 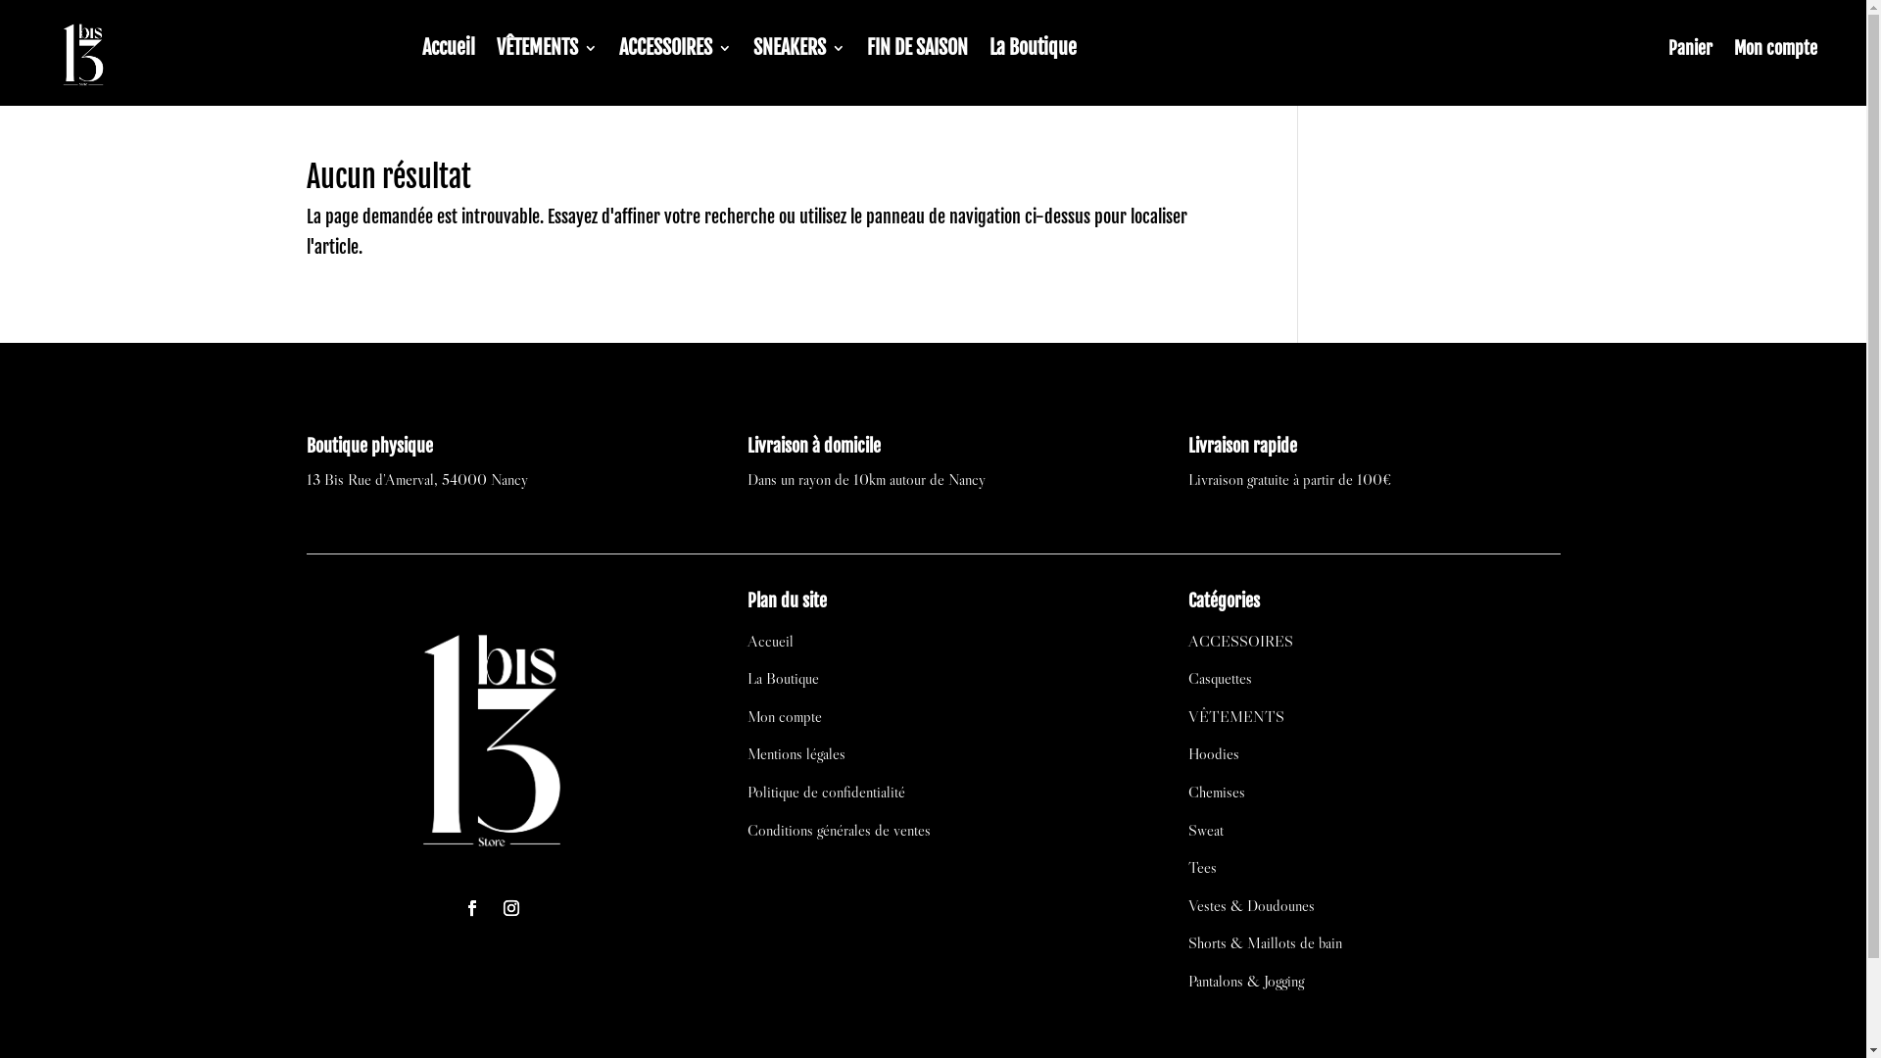 What do you see at coordinates (799, 51) in the screenshot?
I see `'SNEAKERS'` at bounding box center [799, 51].